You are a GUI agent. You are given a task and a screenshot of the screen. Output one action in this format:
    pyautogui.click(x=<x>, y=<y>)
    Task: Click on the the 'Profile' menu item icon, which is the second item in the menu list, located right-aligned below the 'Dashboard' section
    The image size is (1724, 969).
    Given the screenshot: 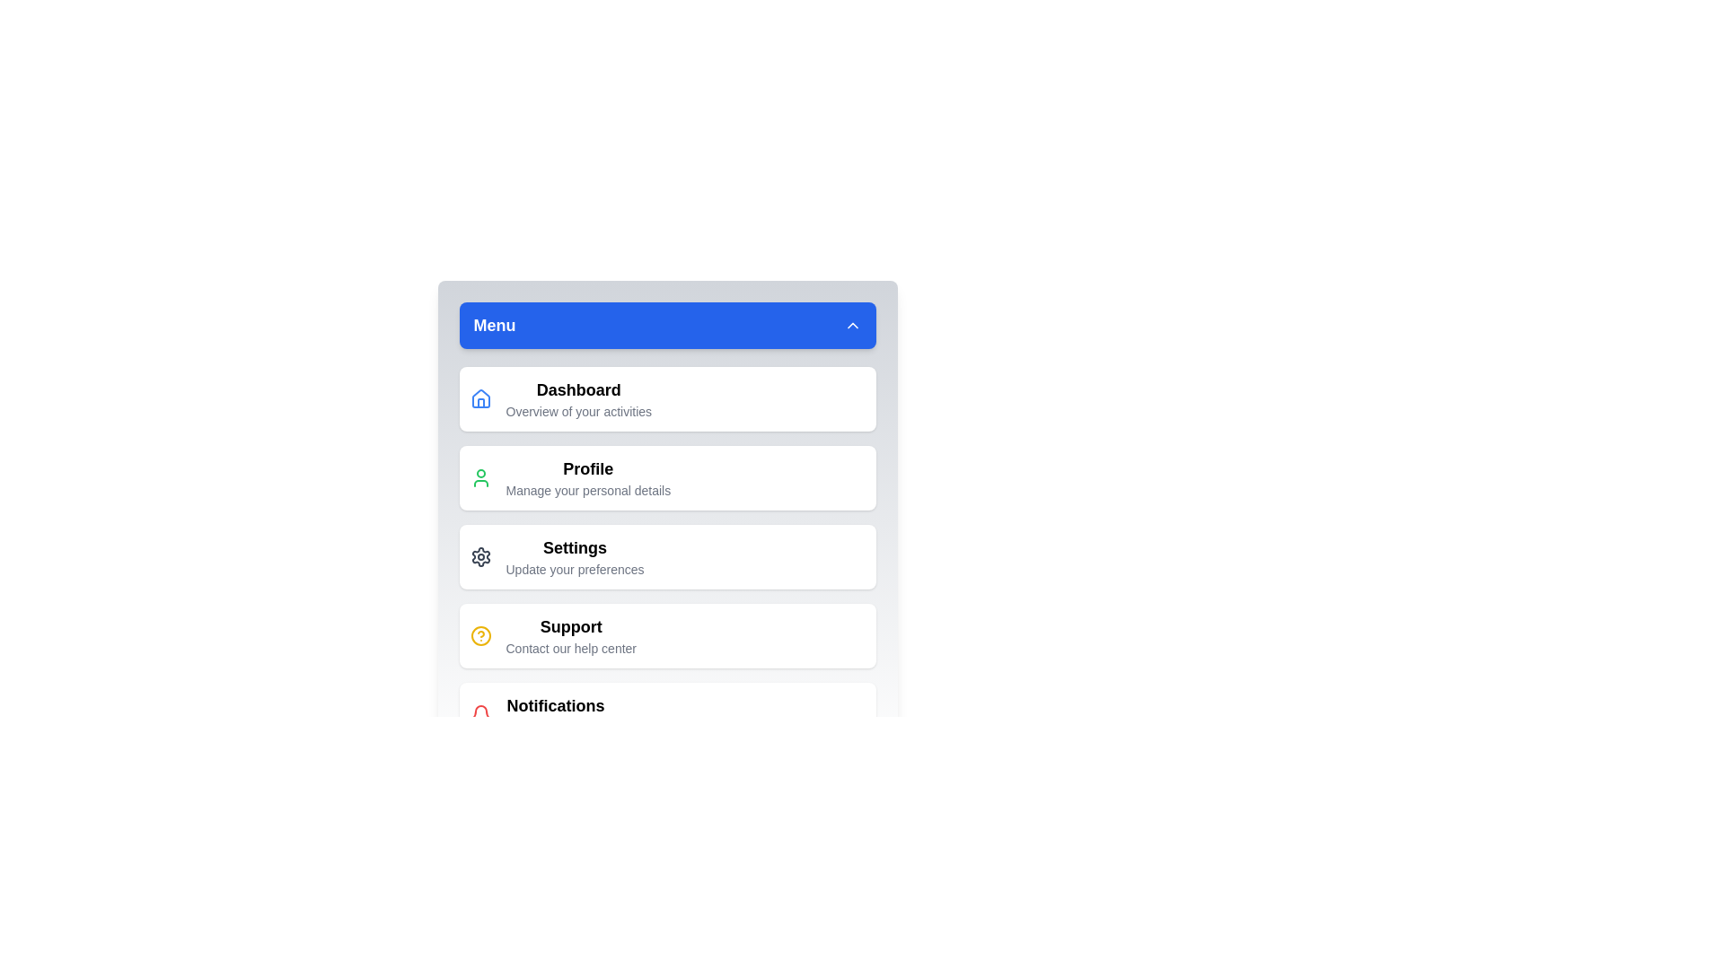 What is the action you would take?
    pyautogui.click(x=480, y=476)
    